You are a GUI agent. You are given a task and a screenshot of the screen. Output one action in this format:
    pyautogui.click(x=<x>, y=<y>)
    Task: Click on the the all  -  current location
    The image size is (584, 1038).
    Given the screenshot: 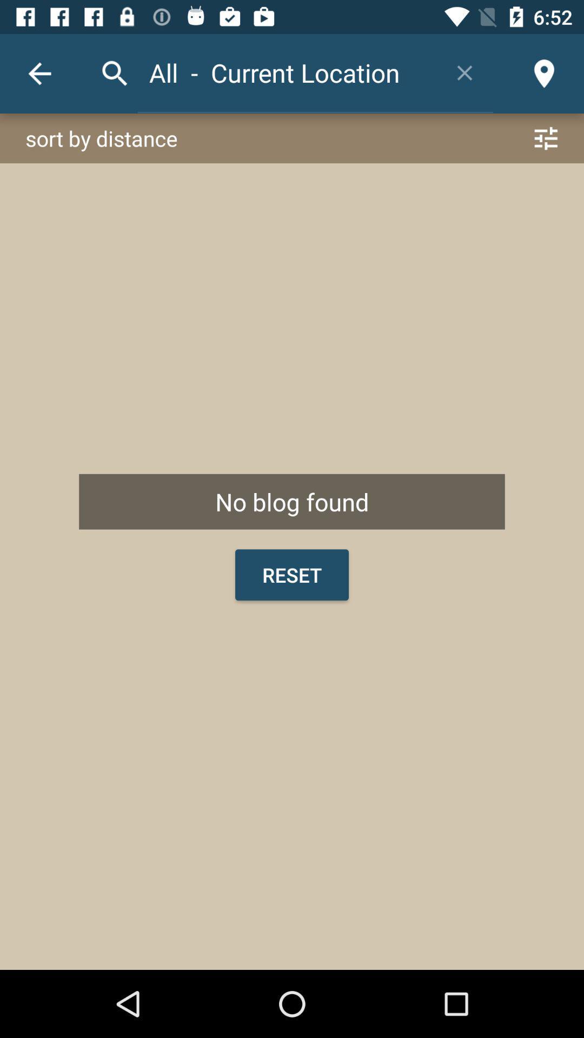 What is the action you would take?
    pyautogui.click(x=287, y=72)
    